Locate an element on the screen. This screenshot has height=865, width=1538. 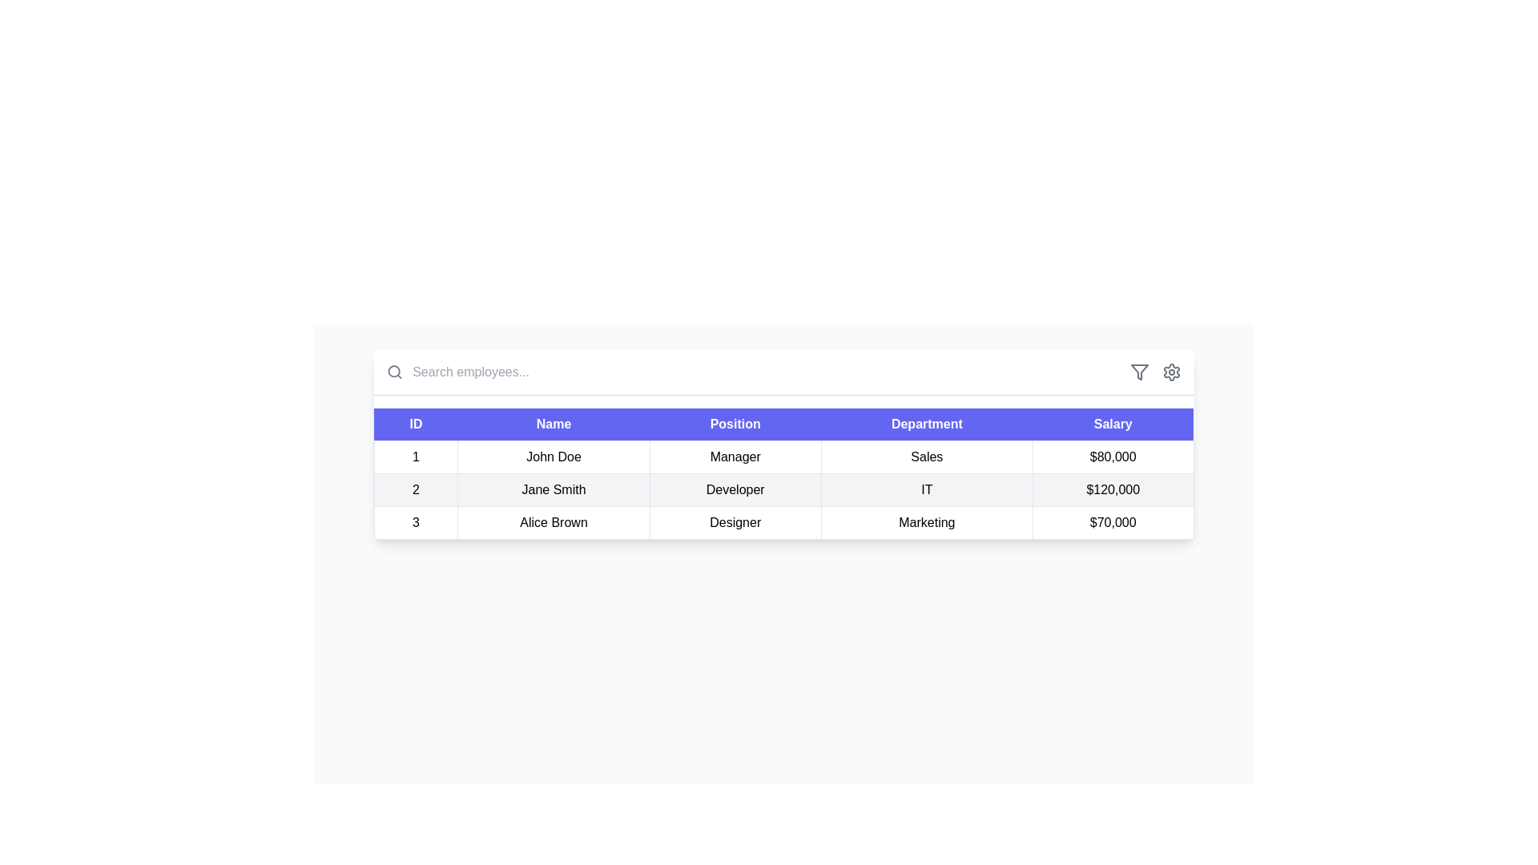
the table cell indicating the job position 'Designer' for the individual associated with 'Alice Brown' in the third row and third column under the 'Position' header is located at coordinates (735, 522).